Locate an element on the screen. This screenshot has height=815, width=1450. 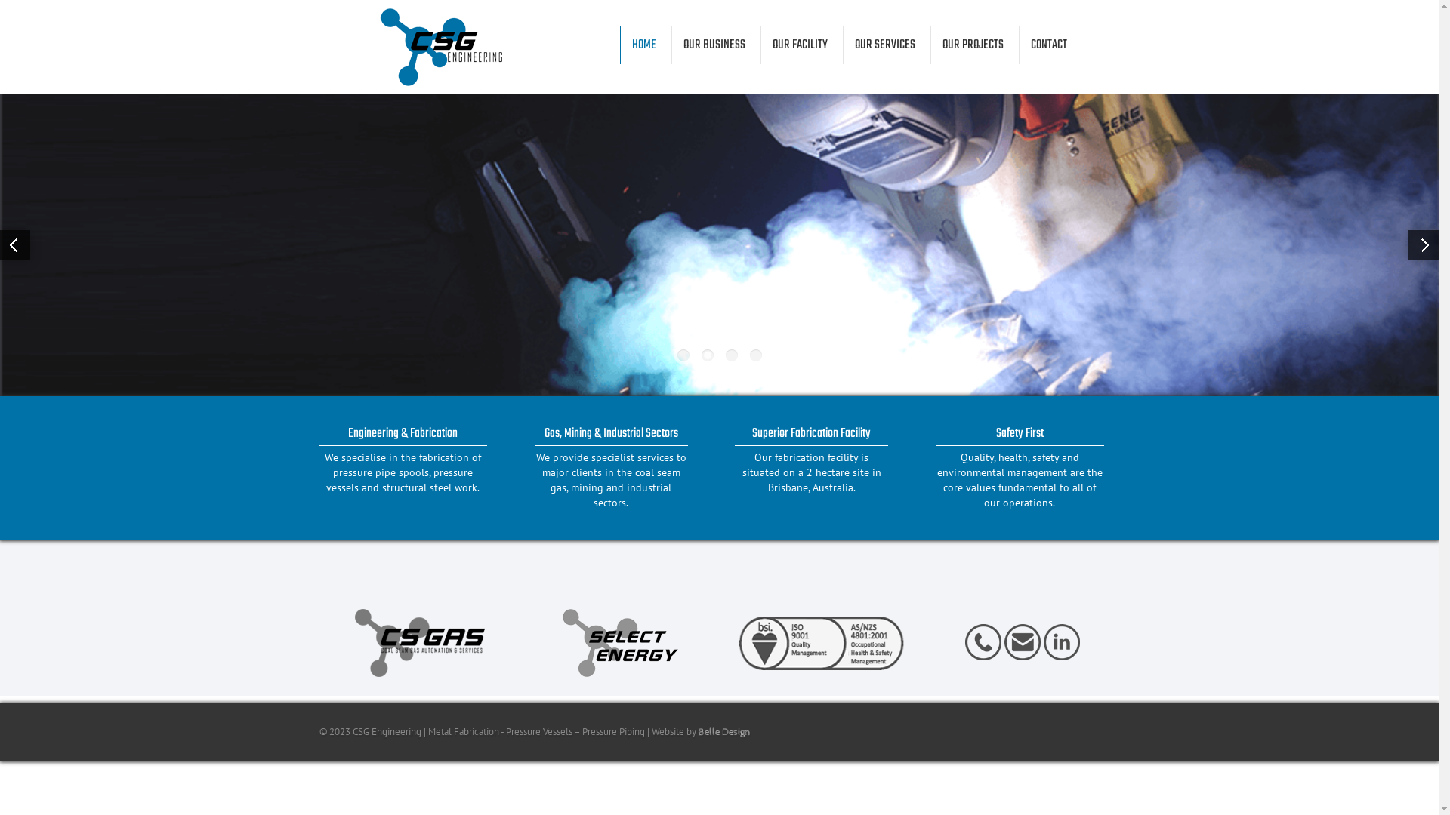
'Belle Design' is located at coordinates (723, 730).